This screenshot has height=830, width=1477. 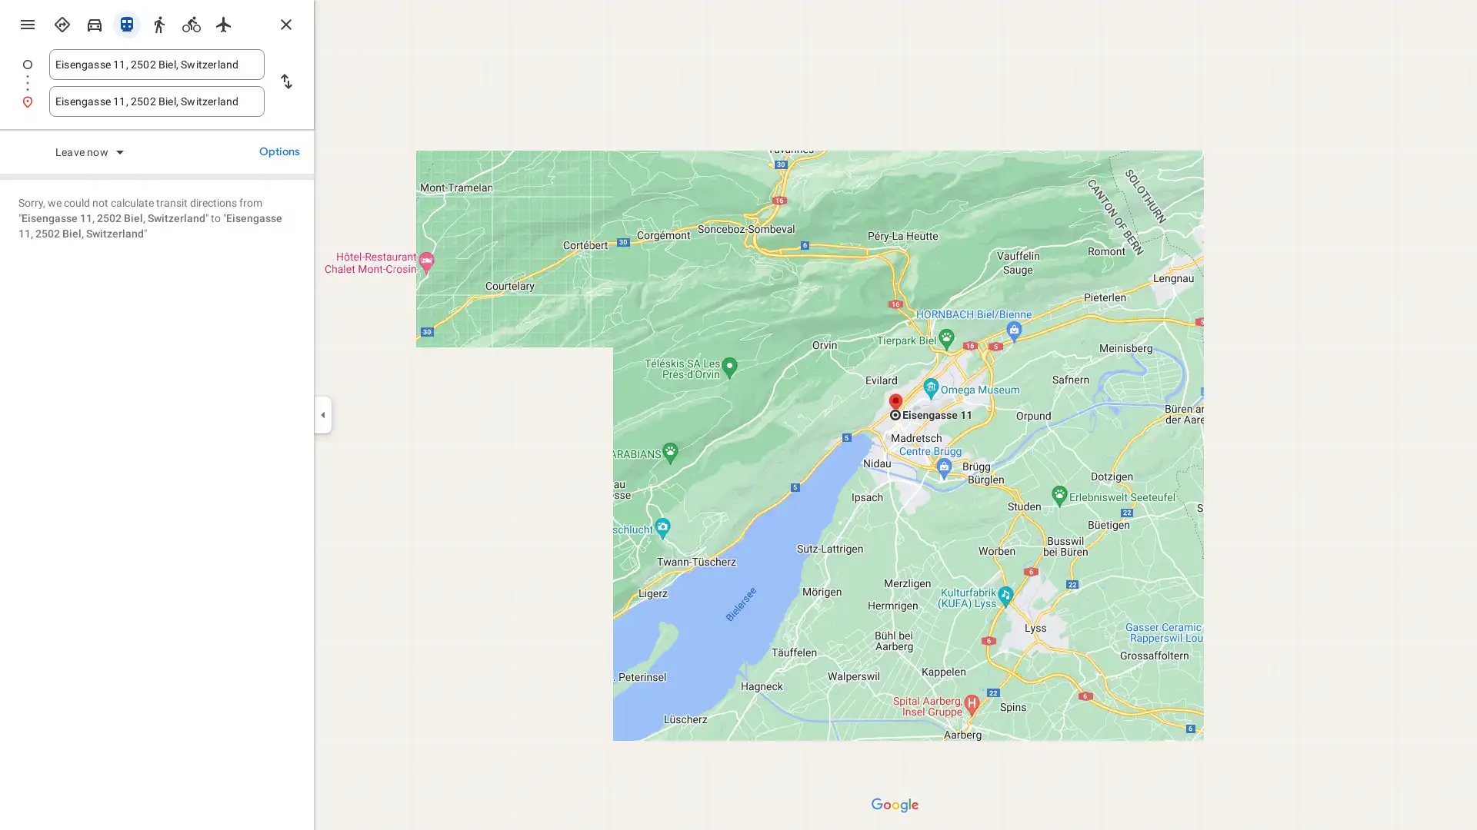 I want to click on Menu, so click(x=27, y=24).